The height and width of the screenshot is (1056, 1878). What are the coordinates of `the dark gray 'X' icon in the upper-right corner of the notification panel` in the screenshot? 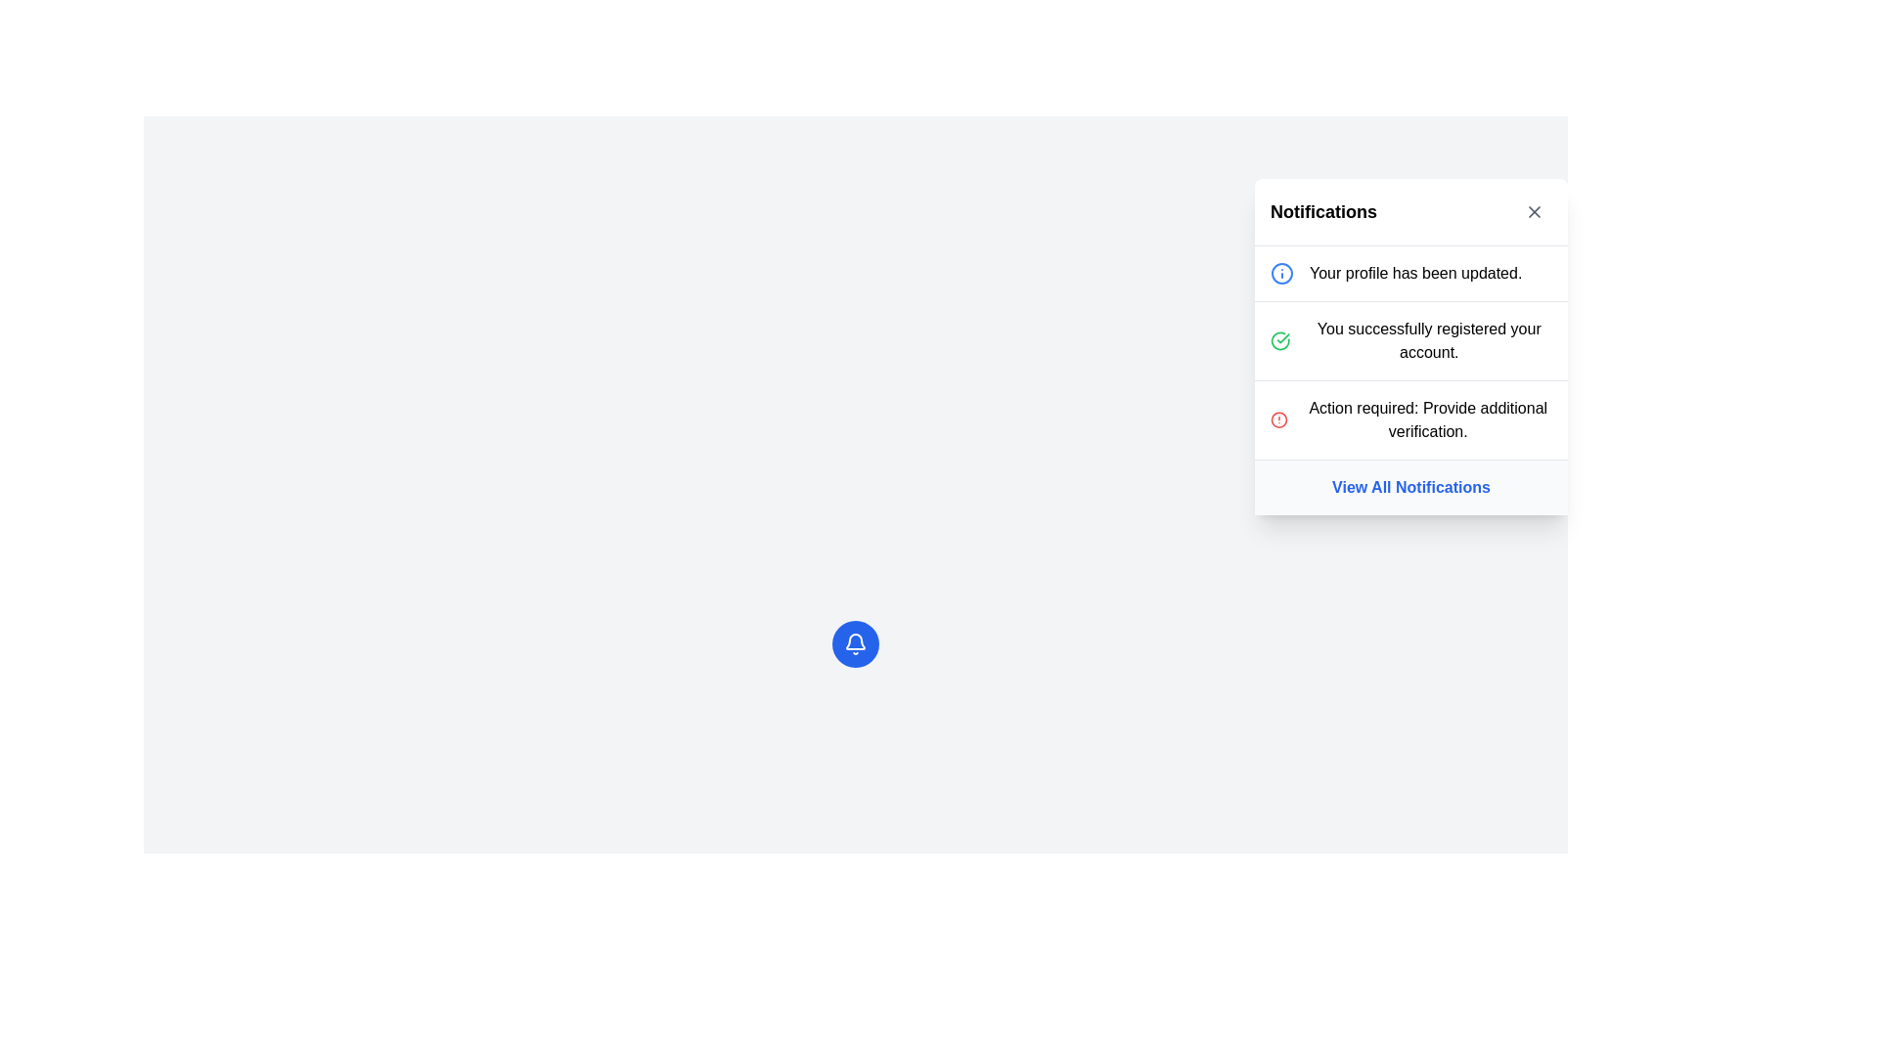 It's located at (1534, 211).